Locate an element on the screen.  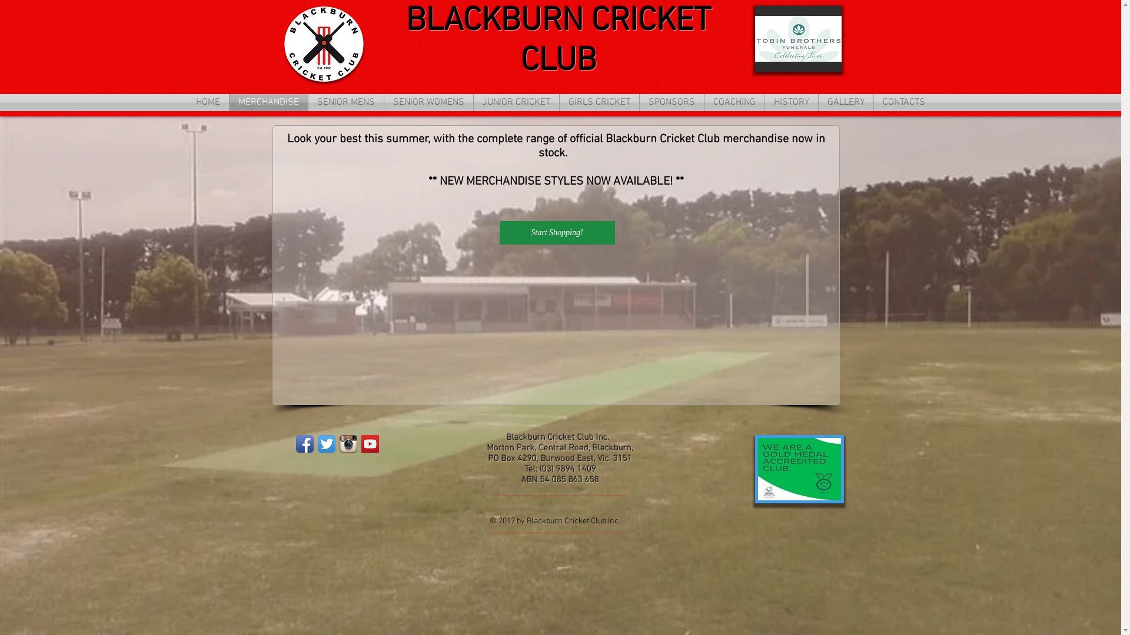
'COACHING' is located at coordinates (734, 102).